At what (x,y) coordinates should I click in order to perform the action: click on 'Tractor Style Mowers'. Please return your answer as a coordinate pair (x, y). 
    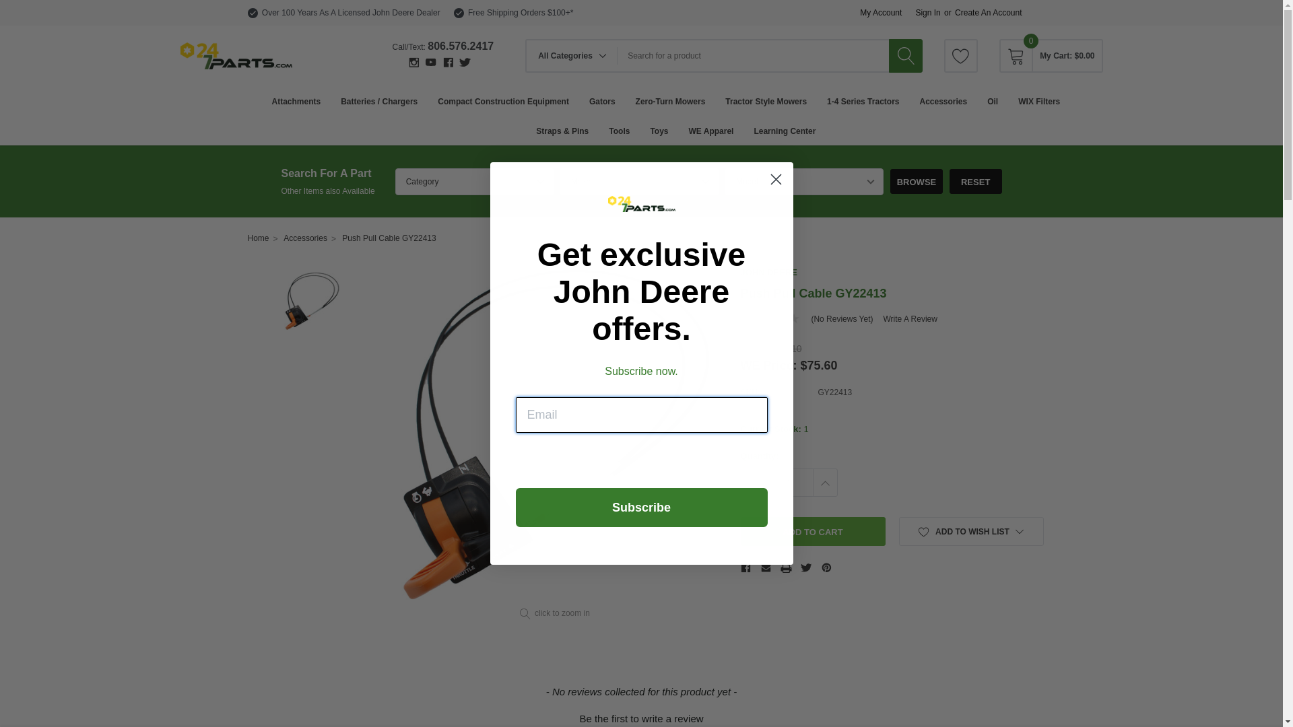
    Looking at the image, I should click on (724, 100).